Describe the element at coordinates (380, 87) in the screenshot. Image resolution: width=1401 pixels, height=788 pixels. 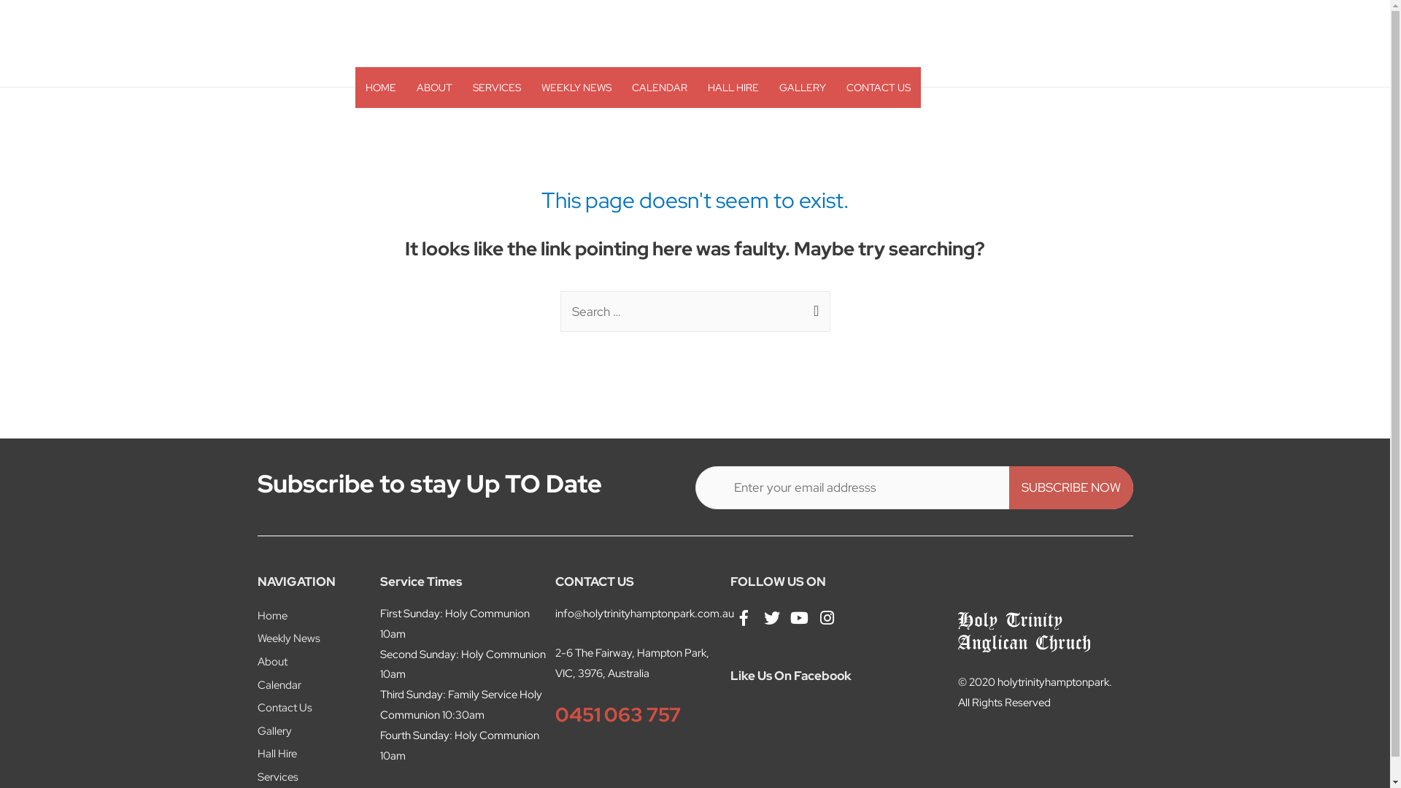
I see `'HOME'` at that location.